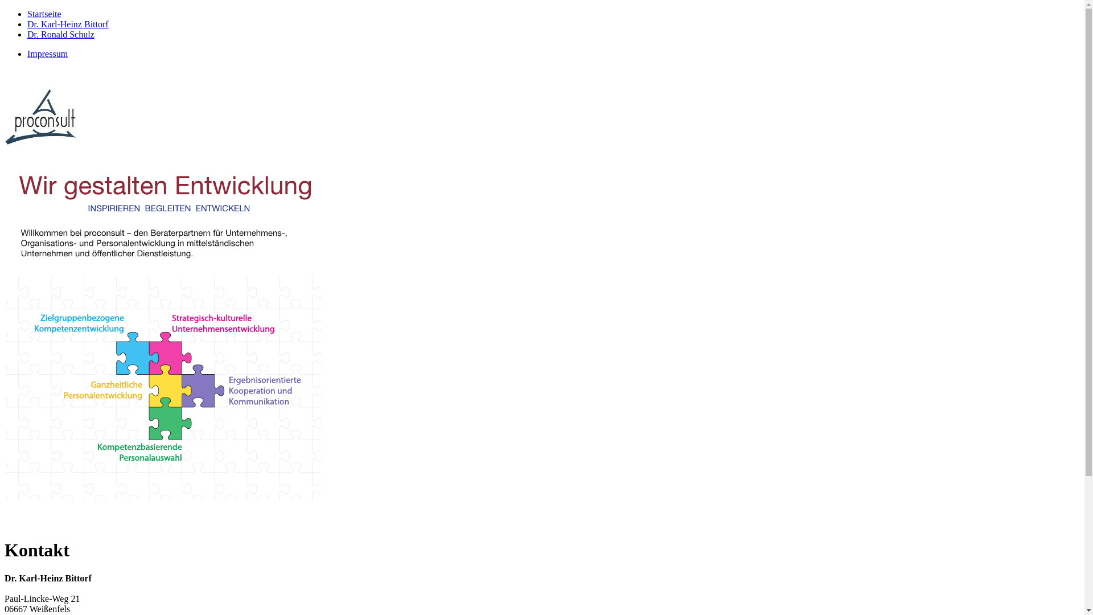 This screenshot has height=615, width=1093. Describe the element at coordinates (47, 54) in the screenshot. I see `'Impressum'` at that location.